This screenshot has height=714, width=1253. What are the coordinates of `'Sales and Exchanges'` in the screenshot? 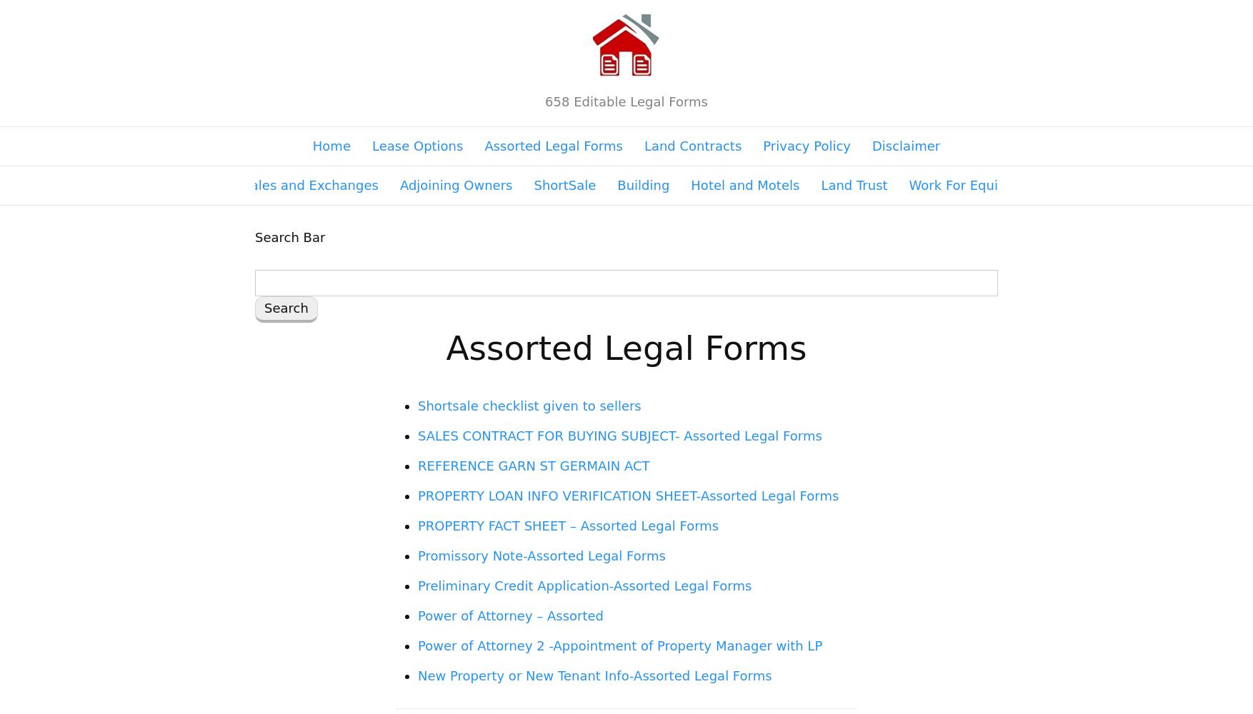 It's located at (309, 185).